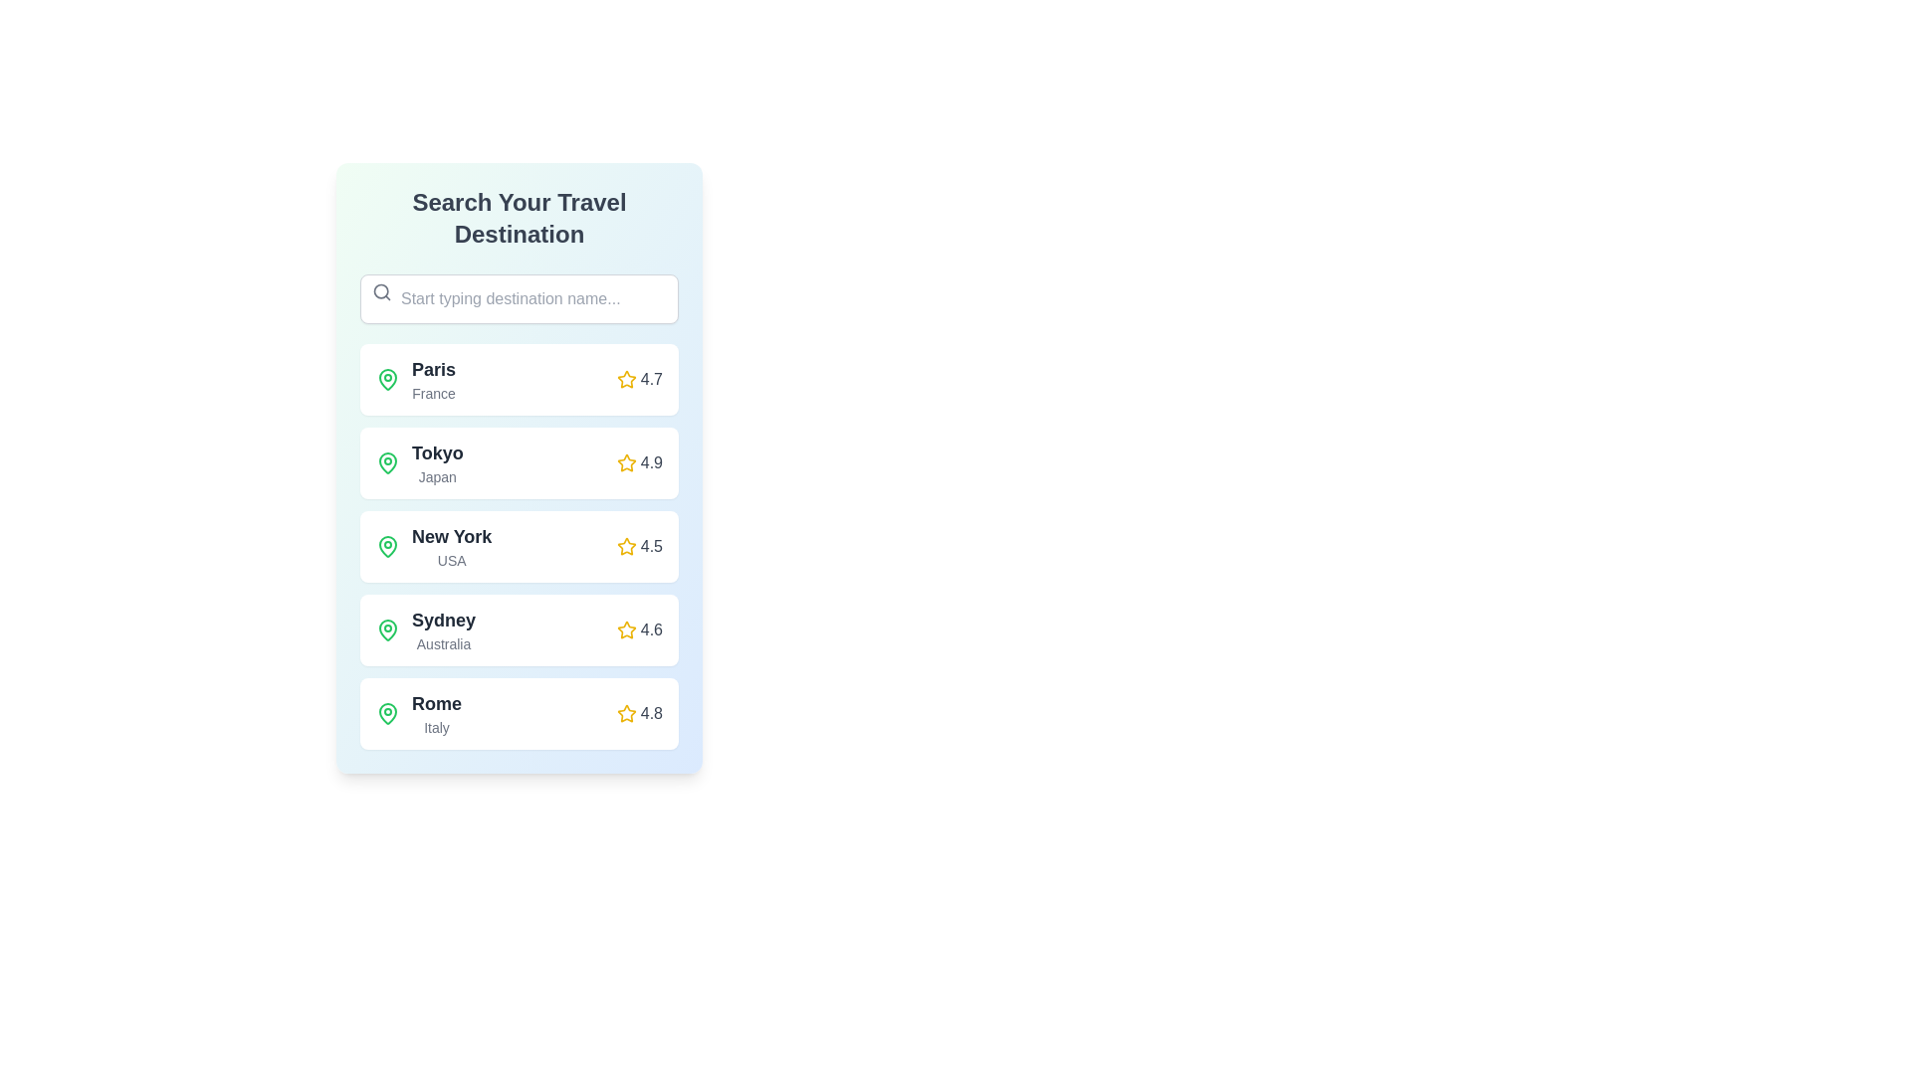 The height and width of the screenshot is (1074, 1911). What do you see at coordinates (451, 547) in the screenshot?
I see `the static text element that displays 'New York' in bold and larger font, and 'USA' in smaller gray font, located in the third item of a vertically aligned list in the sidebar` at bounding box center [451, 547].